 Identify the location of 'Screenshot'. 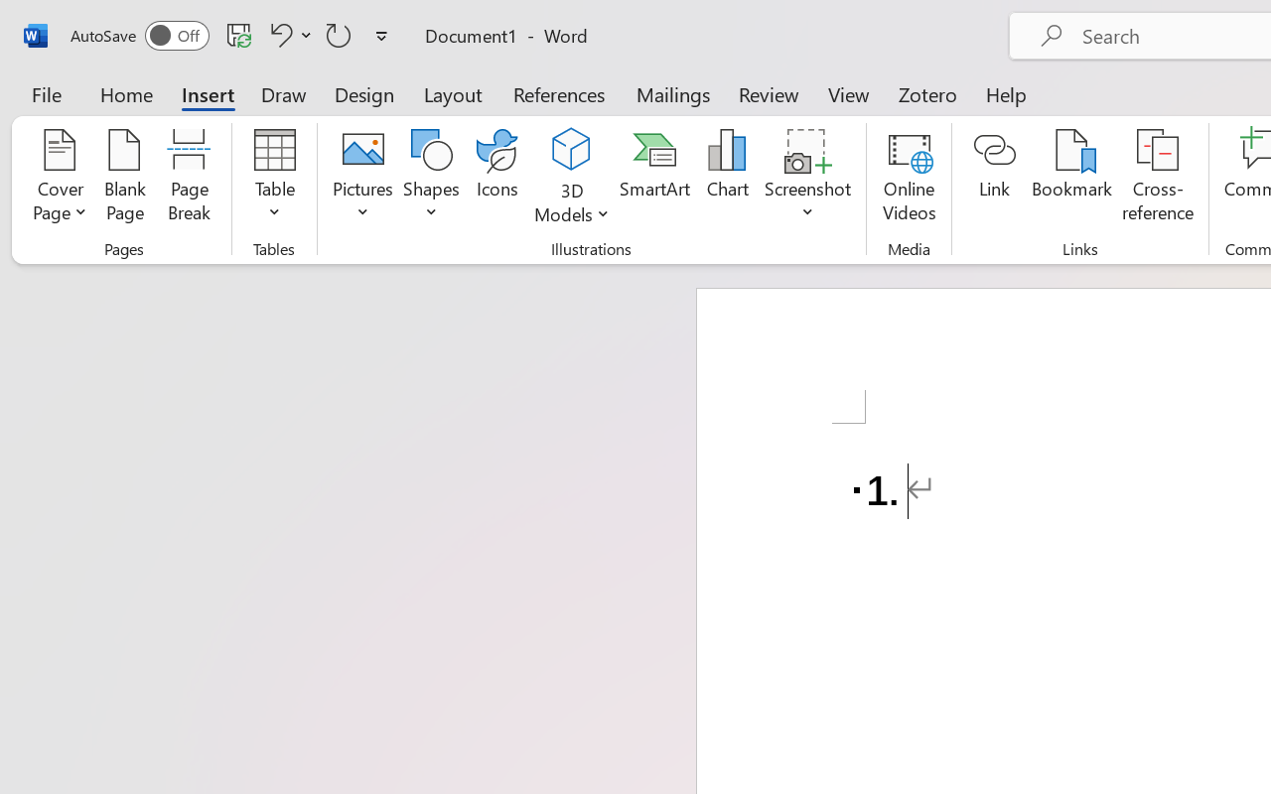
(808, 178).